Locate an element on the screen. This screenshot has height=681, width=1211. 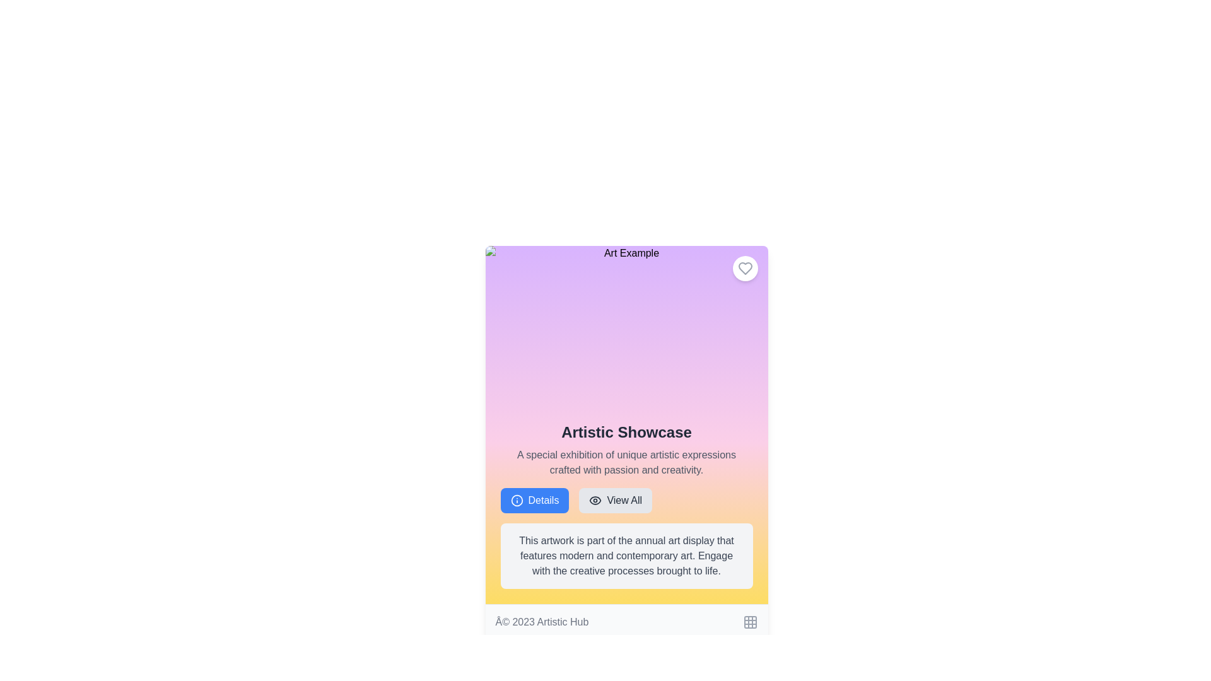
the 'like' or 'favorite' button located at the top-right corner of the card displaying the 'Art Example' image to express preference for the content is located at coordinates (745, 267).